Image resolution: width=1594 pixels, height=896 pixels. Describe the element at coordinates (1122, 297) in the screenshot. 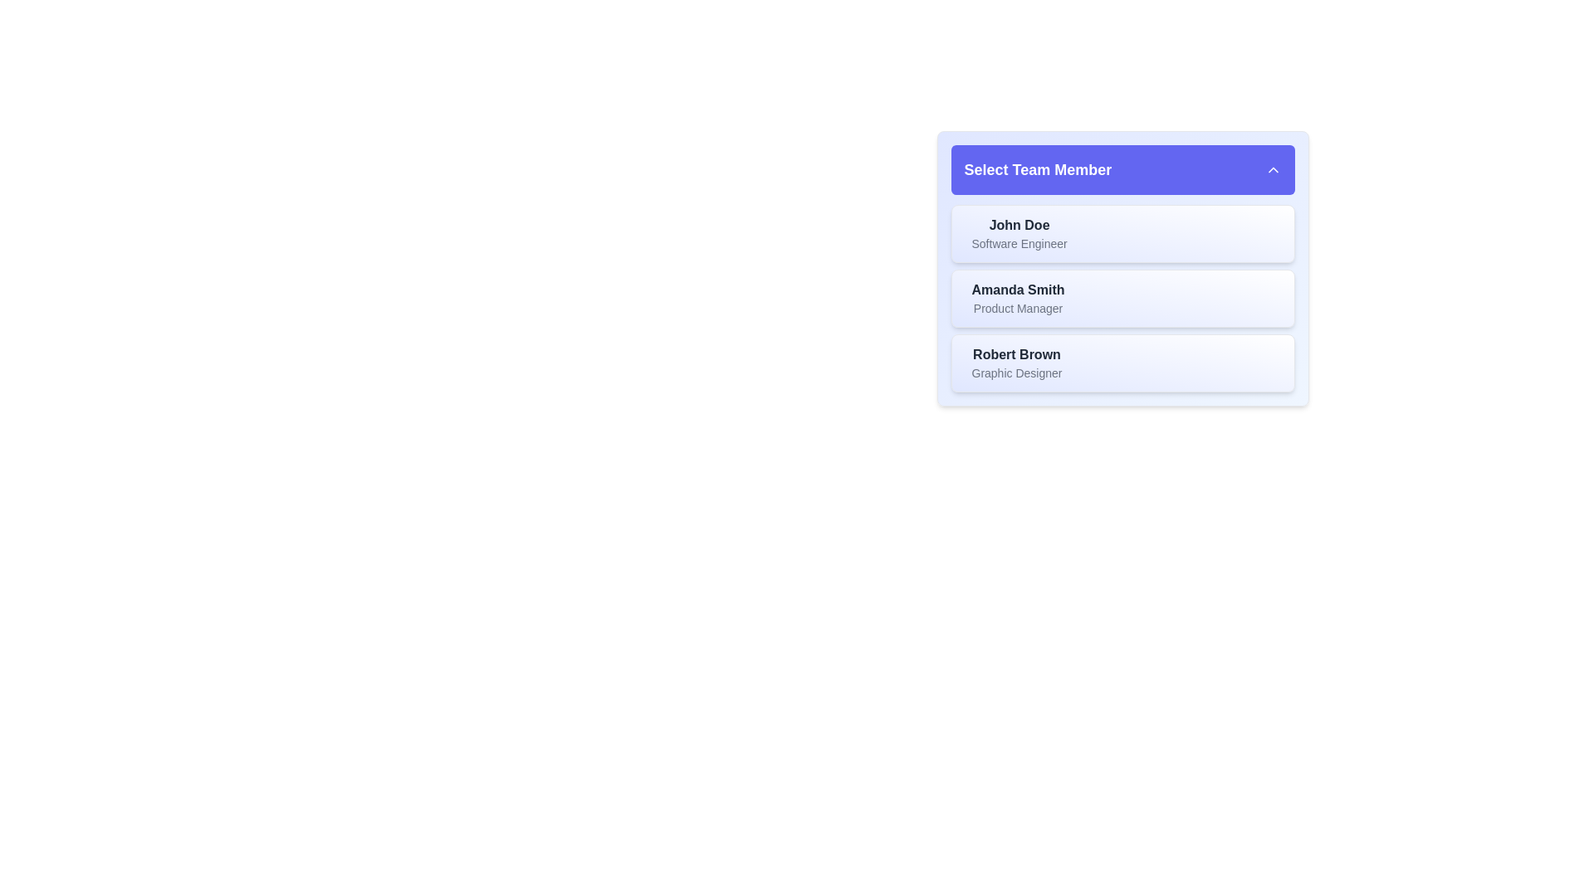

I see `the list item labeled 'Amanda Smith', who is a Product Manager` at that location.